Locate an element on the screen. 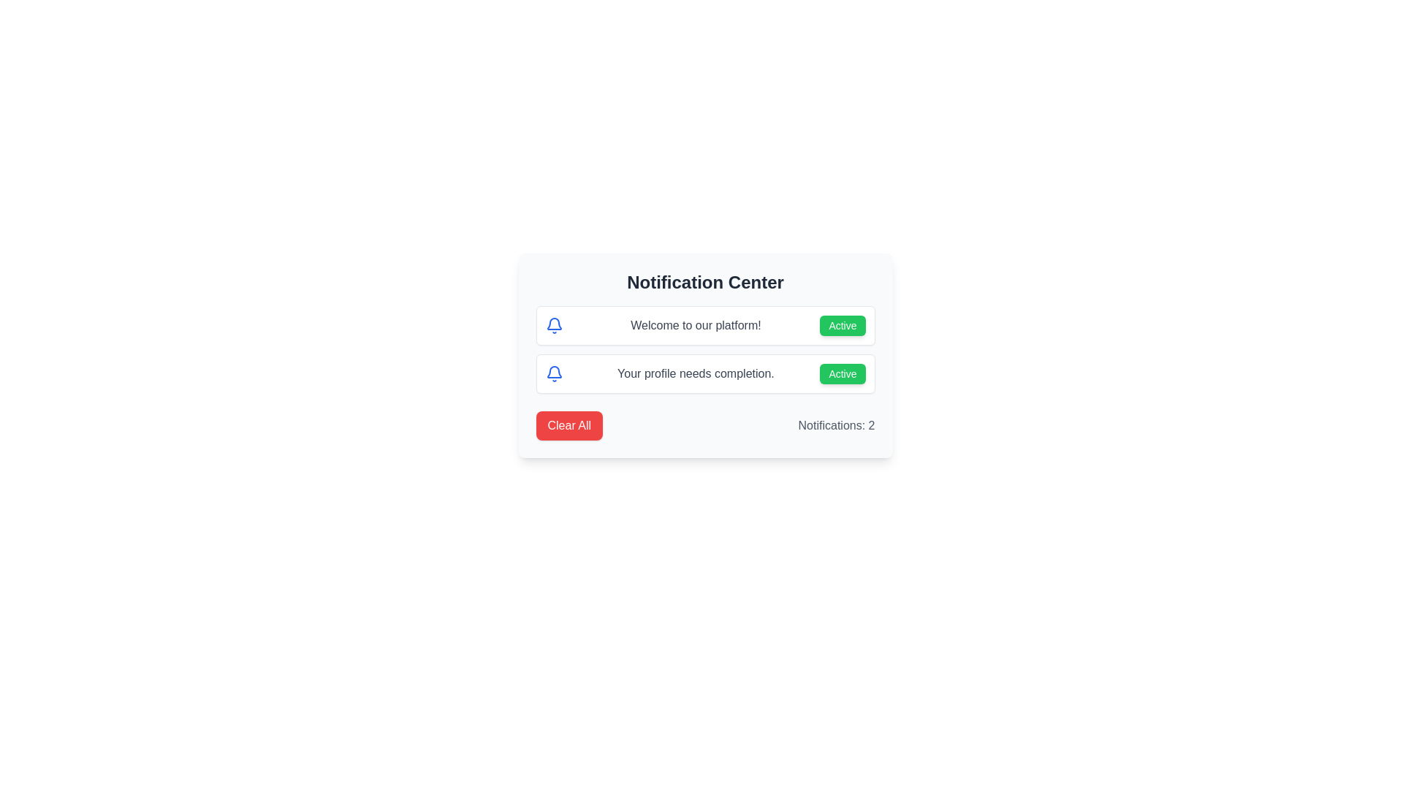  the notification icon located at the left edge of the 'Your profile needs completion.' notification item is located at coordinates (553, 373).